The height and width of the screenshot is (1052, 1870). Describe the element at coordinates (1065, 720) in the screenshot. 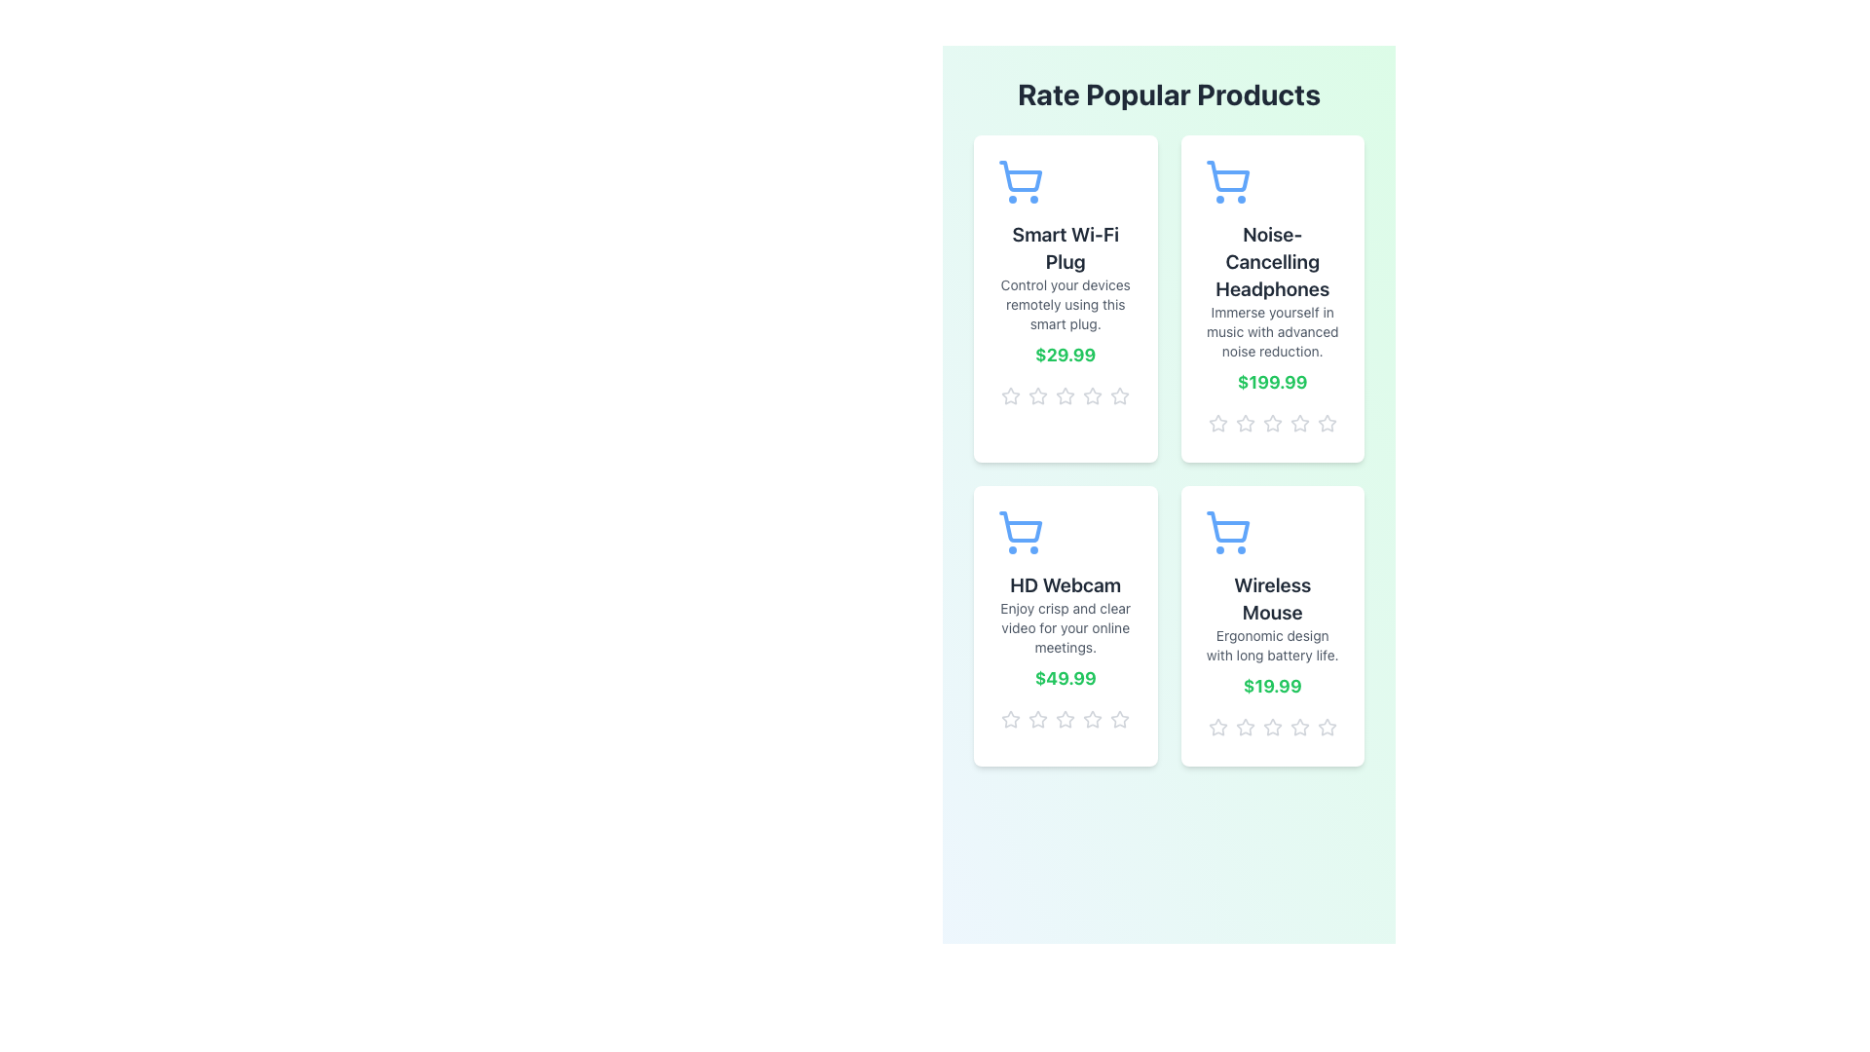

I see `the fourth star icon in the horizontal row of five to rate the product associated with the 'HD Webcam' card` at that location.